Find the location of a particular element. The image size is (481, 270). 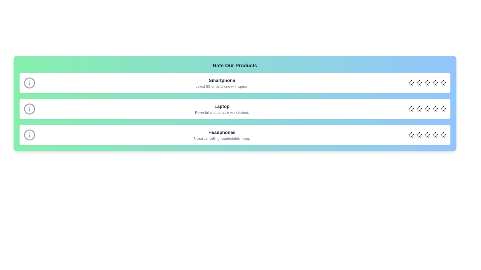

the third star icon in the rating system for the 'Laptop - Powerful and portable workstation' section is located at coordinates (427, 108).